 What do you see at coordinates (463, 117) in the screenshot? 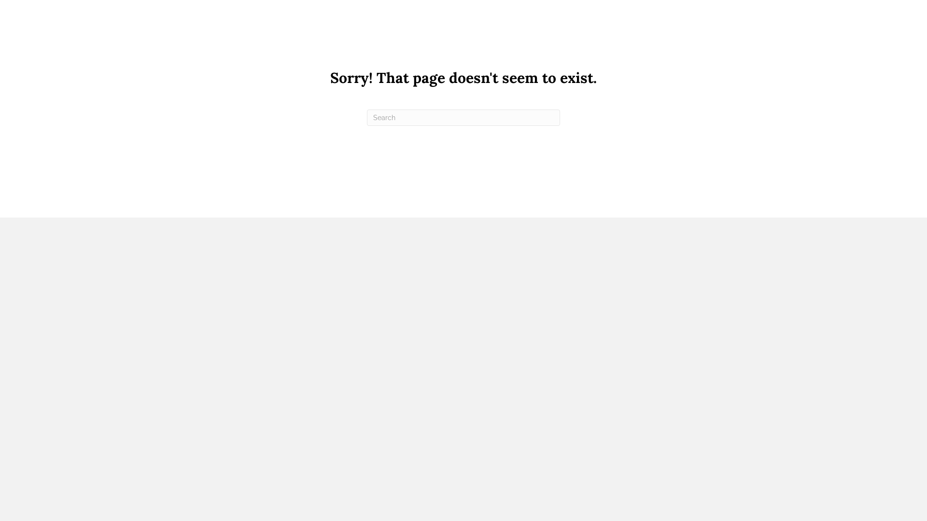
I see `'Type and press Enter to search.'` at bounding box center [463, 117].